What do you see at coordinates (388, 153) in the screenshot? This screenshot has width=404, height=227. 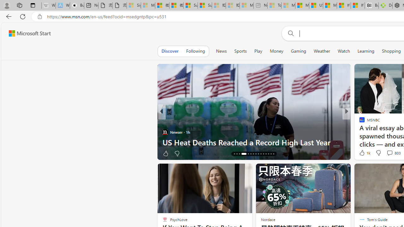 I see `'View comments 2 Comment'` at bounding box center [388, 153].